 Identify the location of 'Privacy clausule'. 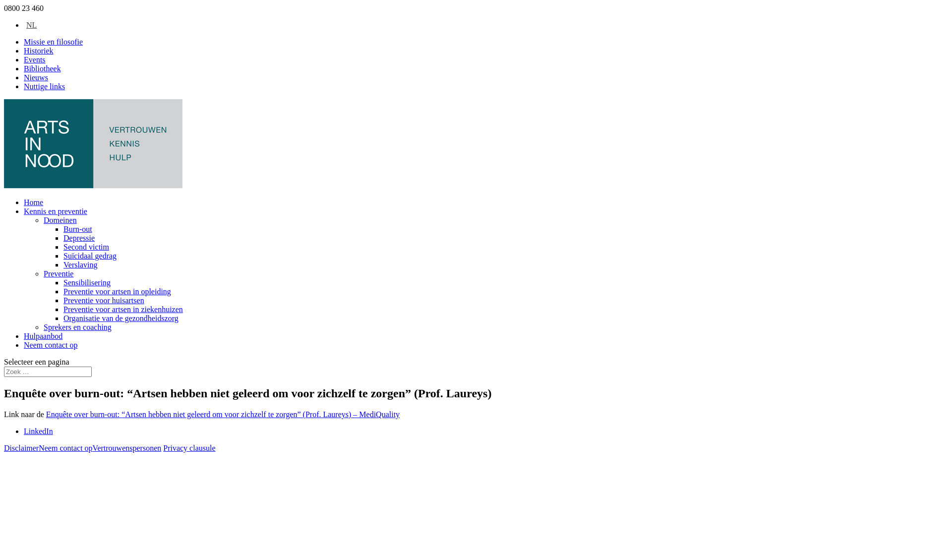
(189, 448).